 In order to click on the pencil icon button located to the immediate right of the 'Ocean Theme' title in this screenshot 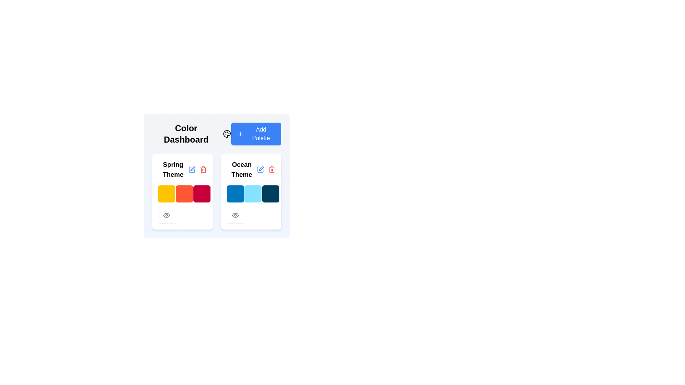, I will do `click(260, 169)`.